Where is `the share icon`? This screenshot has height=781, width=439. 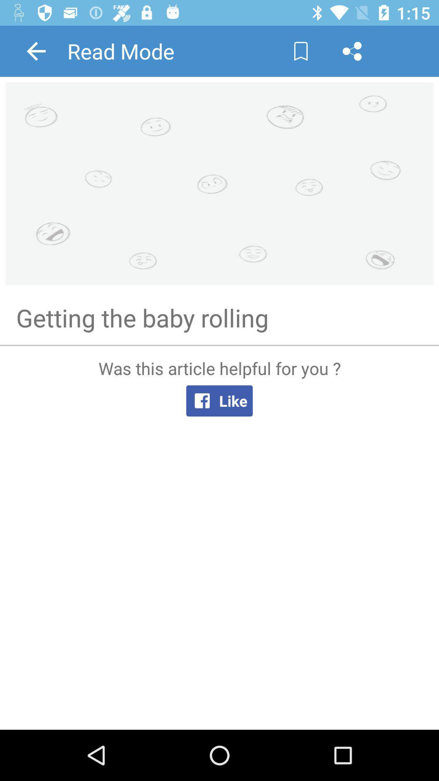
the share icon is located at coordinates (352, 50).